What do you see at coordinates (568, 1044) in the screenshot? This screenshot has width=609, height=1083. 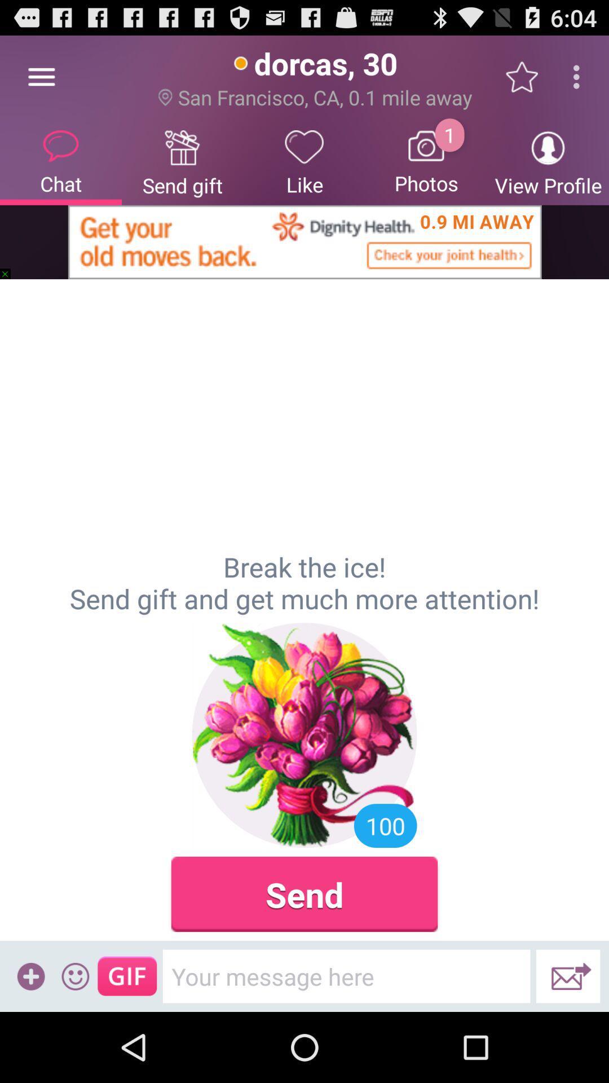 I see `the email icon` at bounding box center [568, 1044].